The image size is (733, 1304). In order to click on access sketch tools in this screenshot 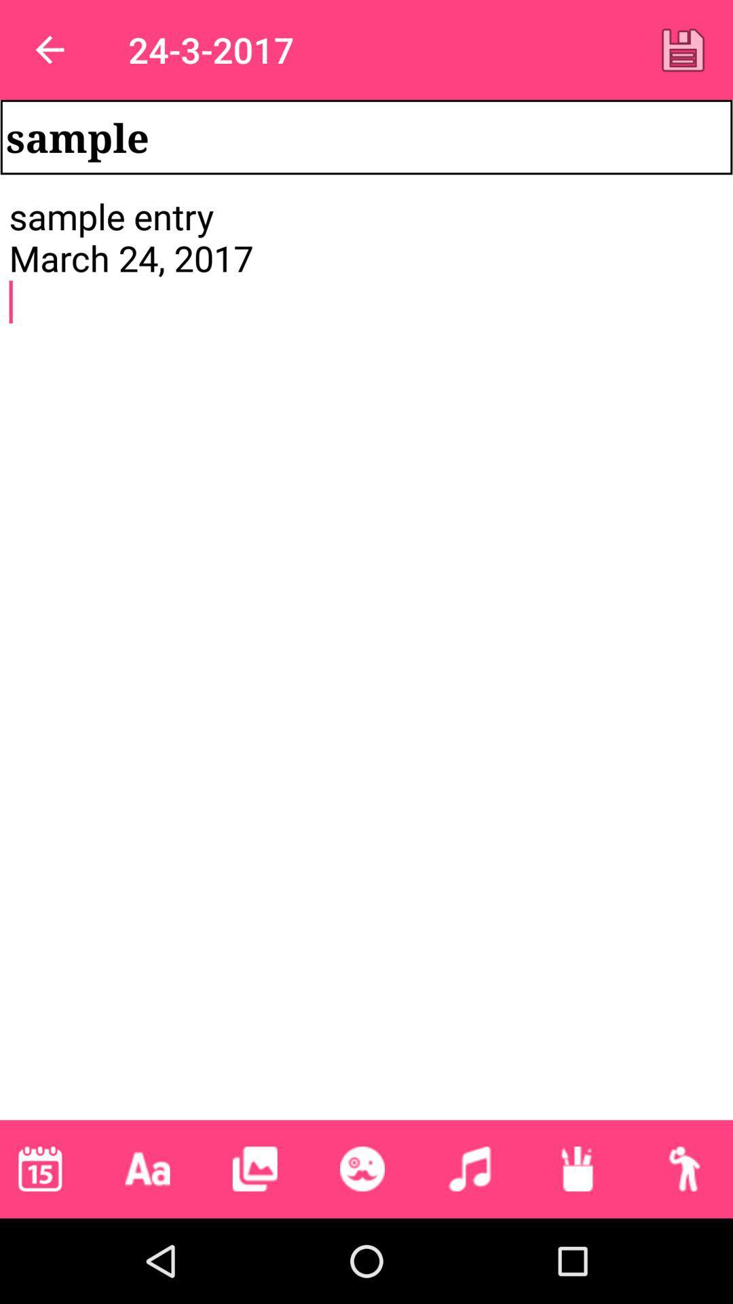, I will do `click(577, 1168)`.